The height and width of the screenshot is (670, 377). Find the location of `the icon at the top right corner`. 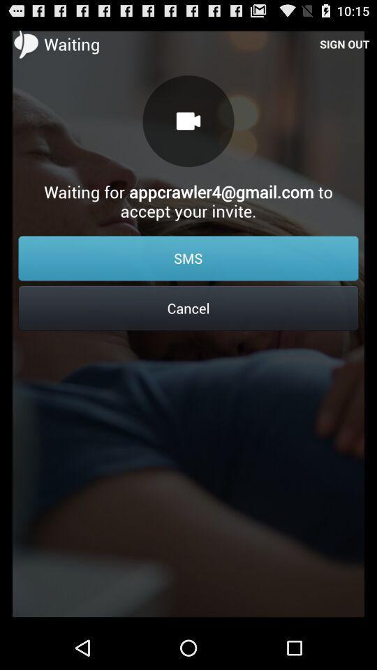

the icon at the top right corner is located at coordinates (343, 43).